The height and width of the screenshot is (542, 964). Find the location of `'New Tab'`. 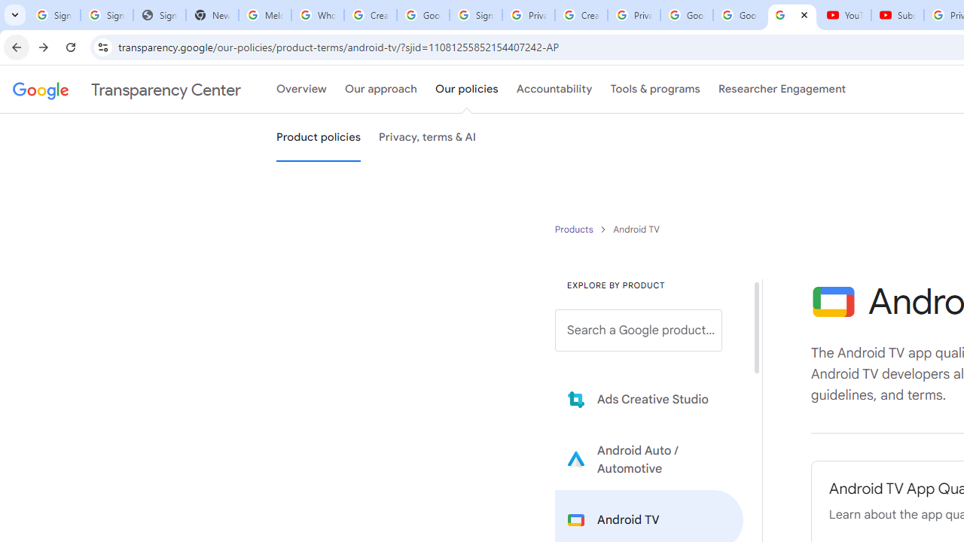

'New Tab' is located at coordinates (212, 15).